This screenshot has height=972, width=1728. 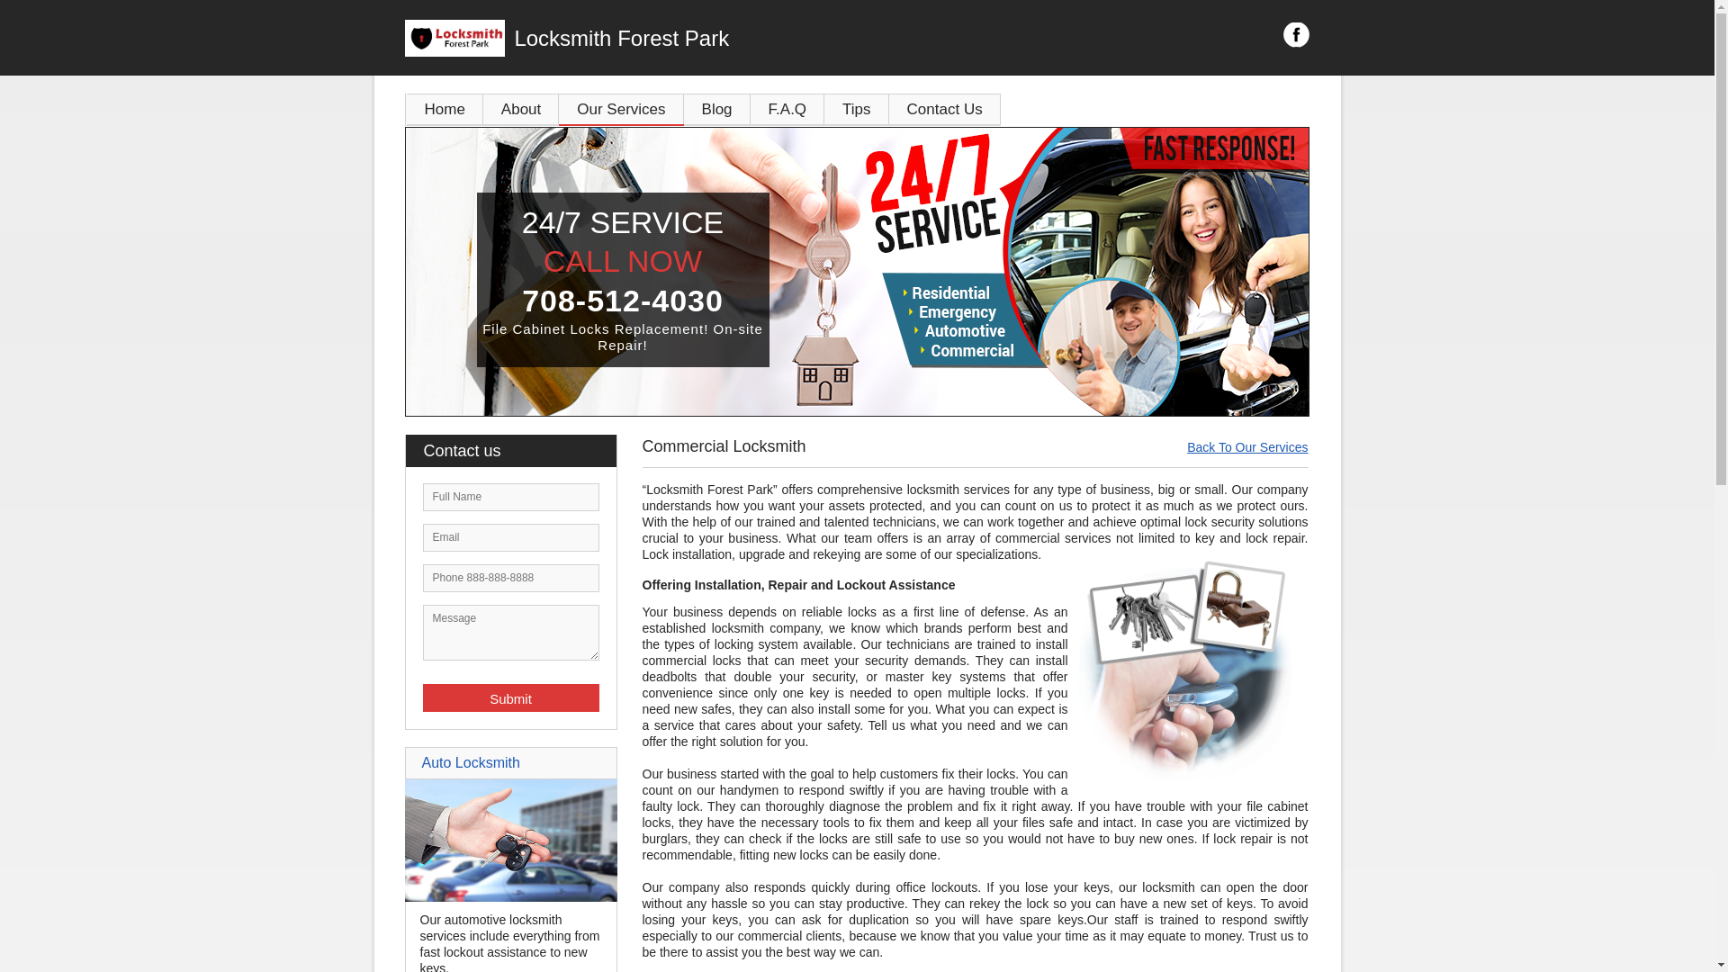 What do you see at coordinates (483, 109) in the screenshot?
I see `'About'` at bounding box center [483, 109].